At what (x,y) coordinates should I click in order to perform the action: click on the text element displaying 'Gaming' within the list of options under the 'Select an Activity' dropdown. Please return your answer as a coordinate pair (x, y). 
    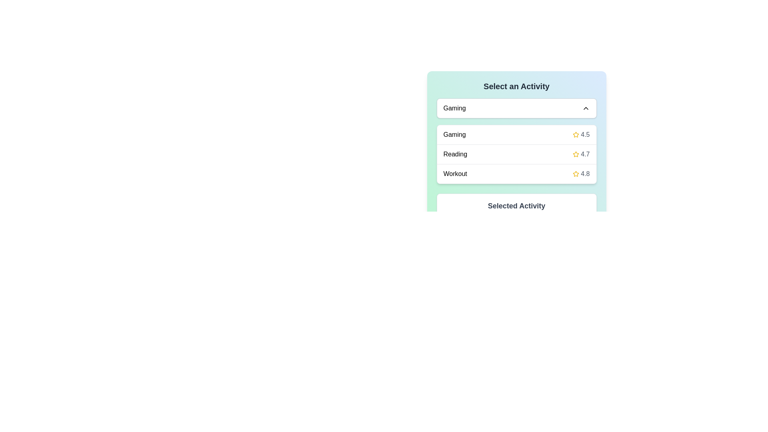
    Looking at the image, I should click on (454, 134).